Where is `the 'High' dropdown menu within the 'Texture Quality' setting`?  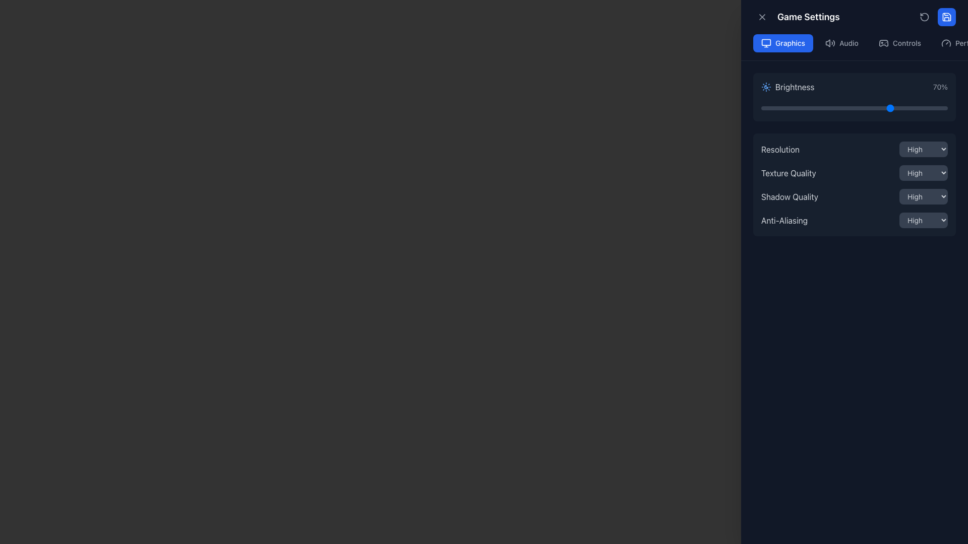 the 'High' dropdown menu within the 'Texture Quality' setting is located at coordinates (924, 172).